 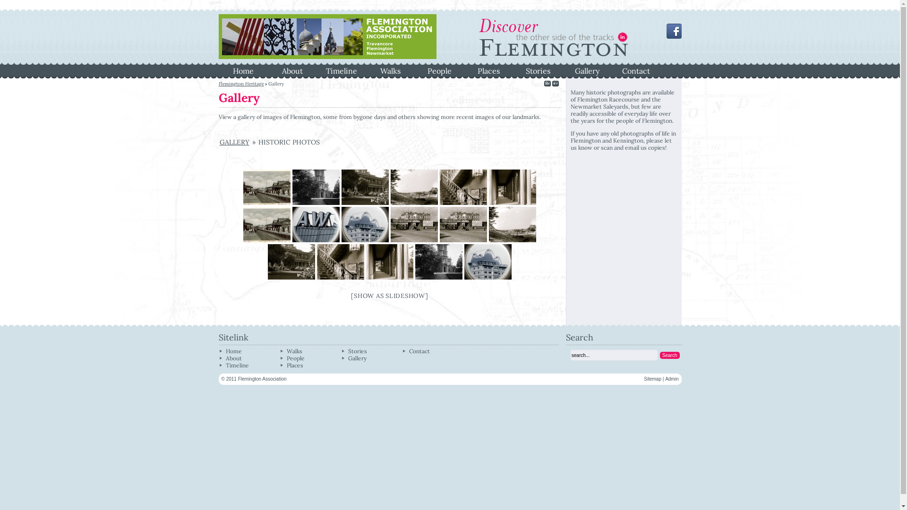 What do you see at coordinates (669, 355) in the screenshot?
I see `'Search'` at bounding box center [669, 355].